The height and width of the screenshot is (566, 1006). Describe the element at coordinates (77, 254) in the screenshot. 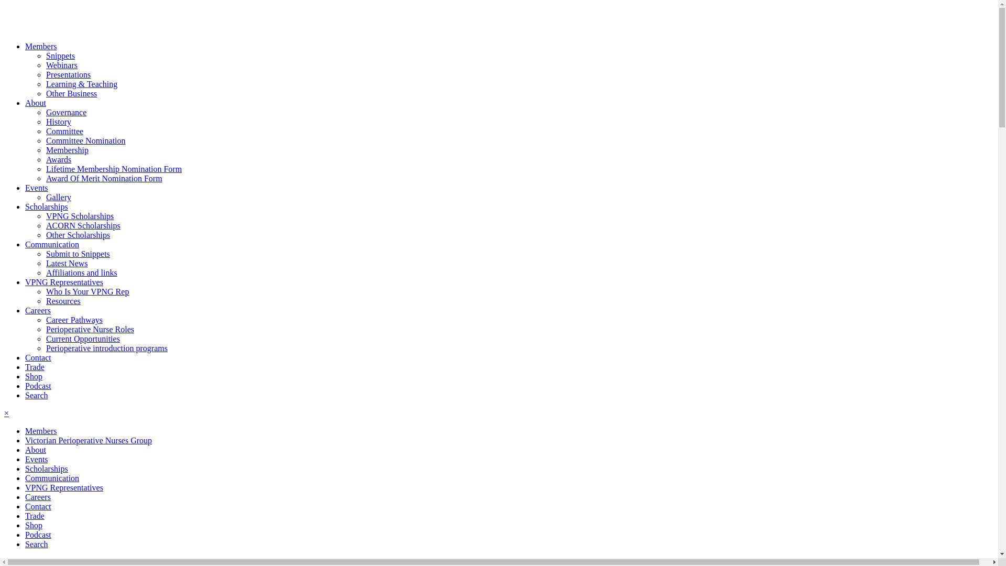

I see `'Submit to Snippets'` at that location.